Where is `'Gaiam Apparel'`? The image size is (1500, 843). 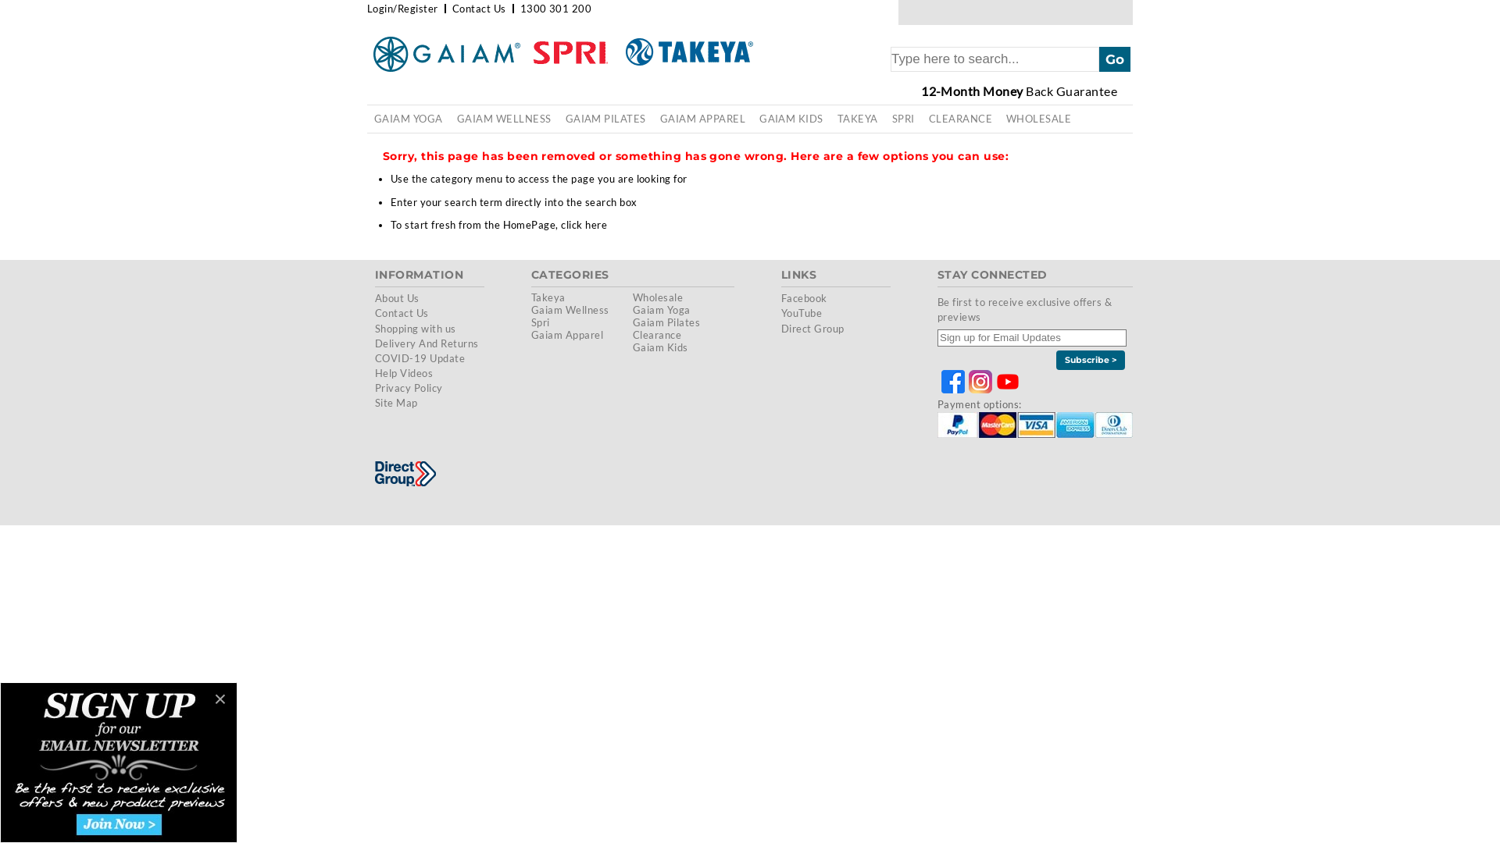 'Gaiam Apparel' is located at coordinates (531, 333).